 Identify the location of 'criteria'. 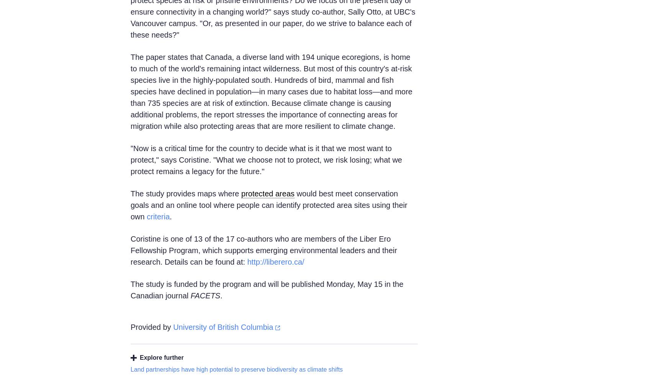
(158, 217).